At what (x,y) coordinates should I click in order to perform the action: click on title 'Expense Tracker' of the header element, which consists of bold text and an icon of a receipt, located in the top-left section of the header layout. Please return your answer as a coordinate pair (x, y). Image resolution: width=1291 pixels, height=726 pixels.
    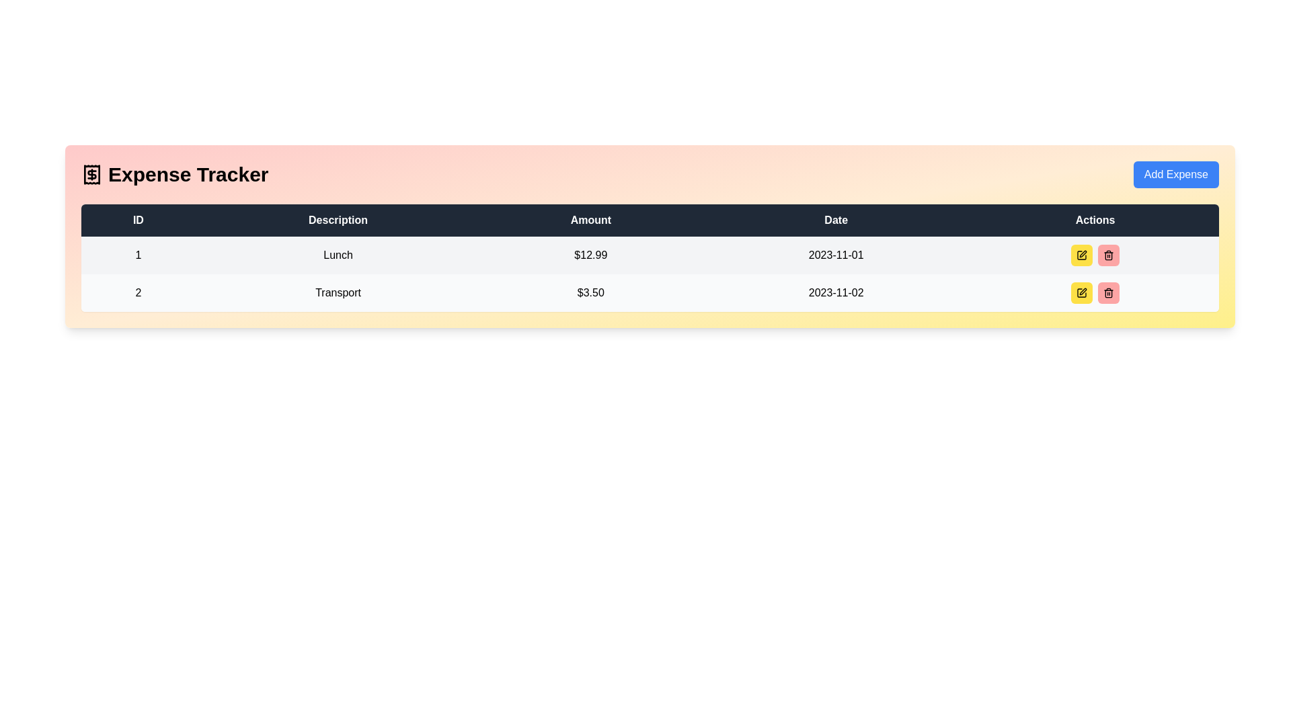
    Looking at the image, I should click on (174, 173).